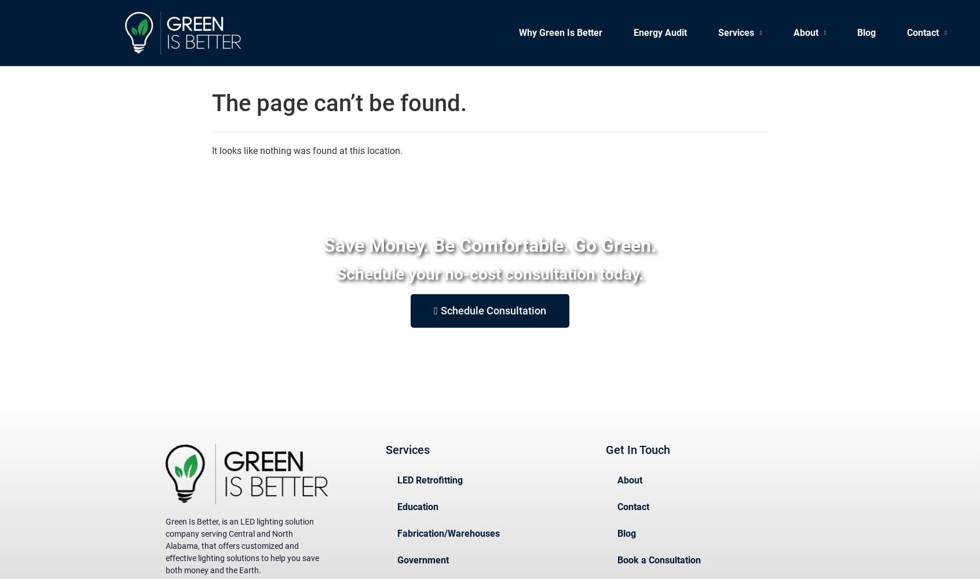  Describe the element at coordinates (422, 559) in the screenshot. I see `'Government'` at that location.